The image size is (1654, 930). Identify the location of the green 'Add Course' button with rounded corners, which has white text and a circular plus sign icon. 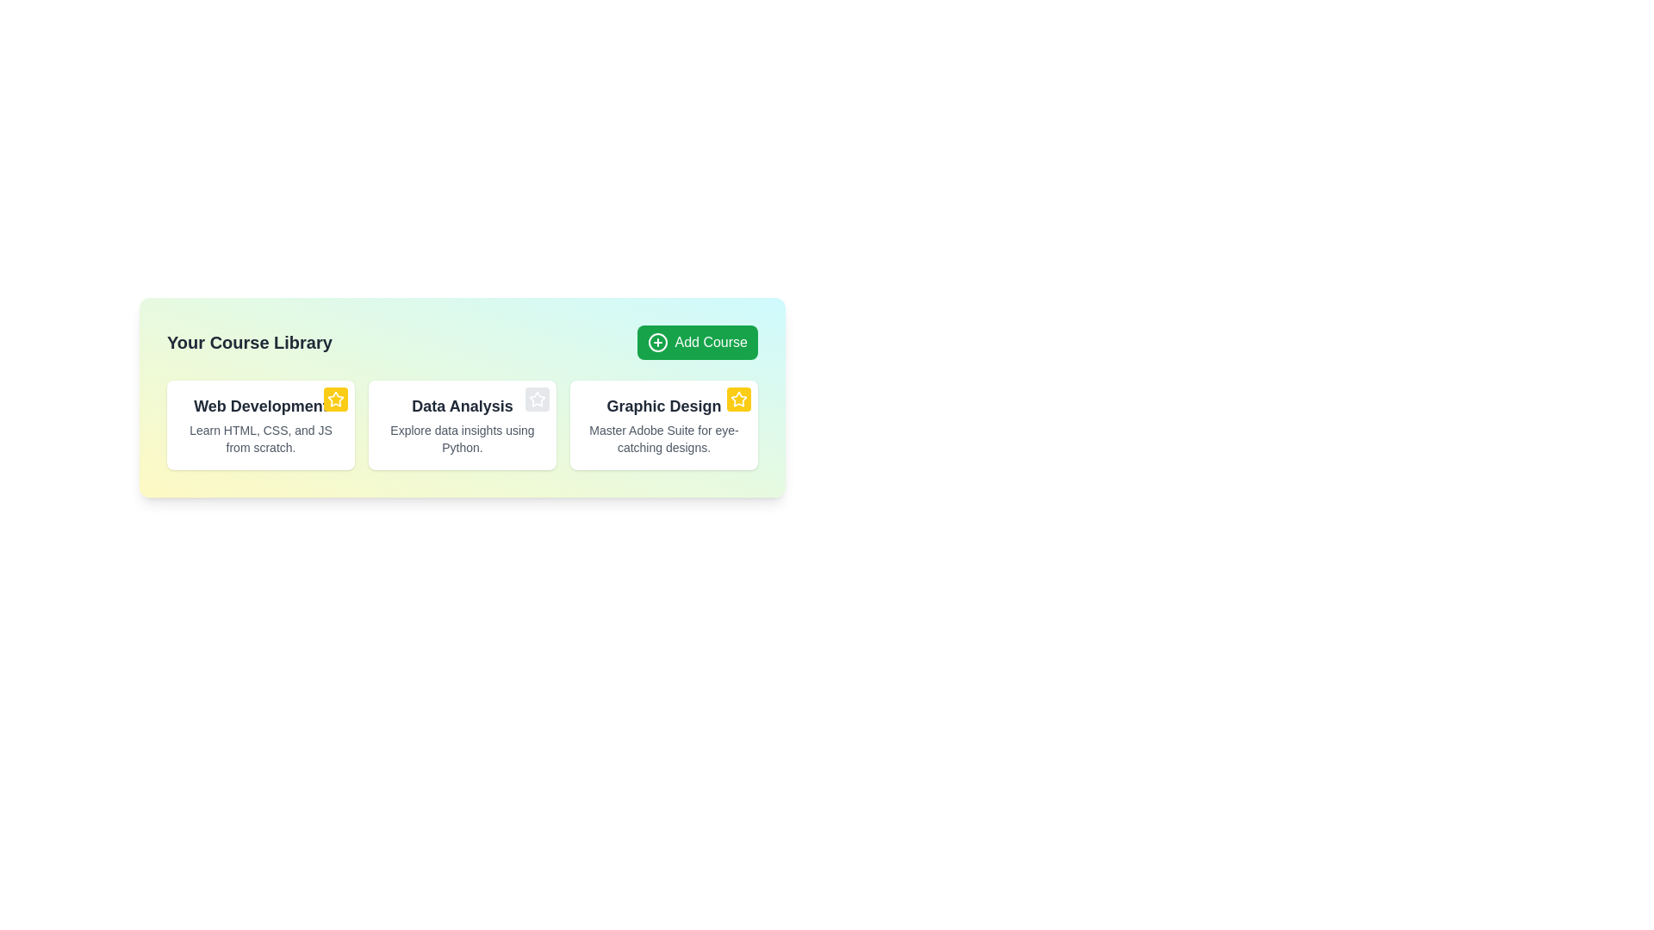
(697, 342).